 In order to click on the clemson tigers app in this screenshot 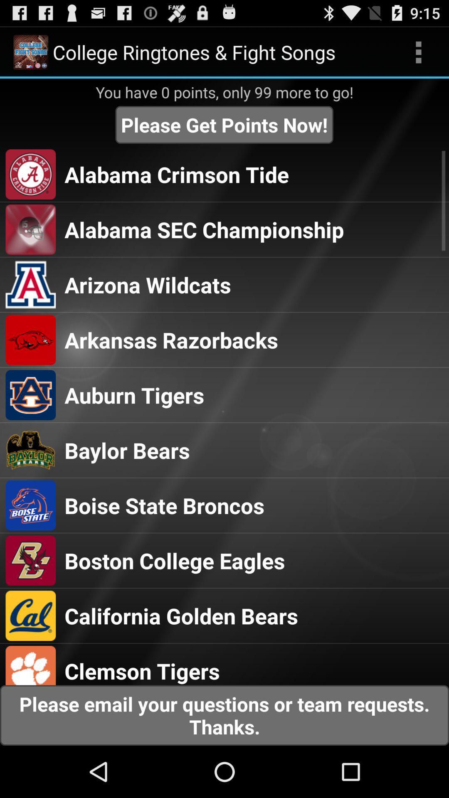, I will do `click(142, 670)`.